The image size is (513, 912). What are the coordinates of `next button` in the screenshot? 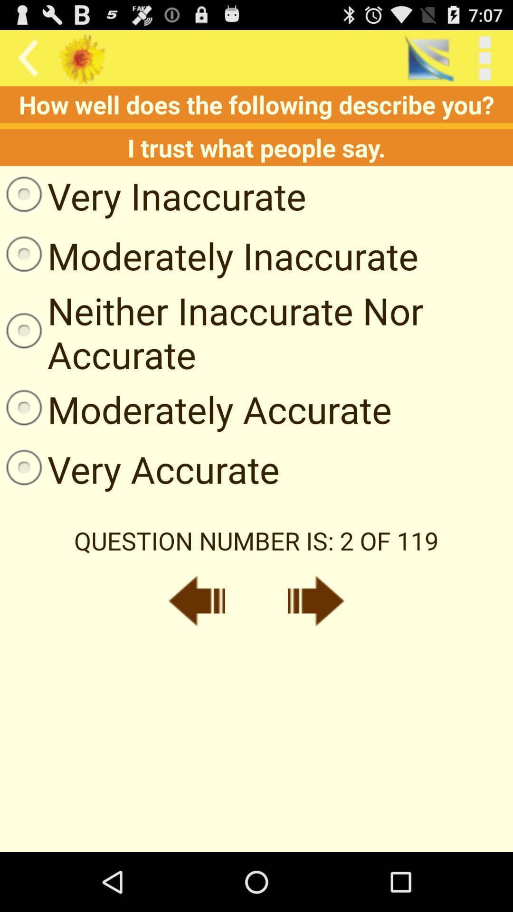 It's located at (316, 600).